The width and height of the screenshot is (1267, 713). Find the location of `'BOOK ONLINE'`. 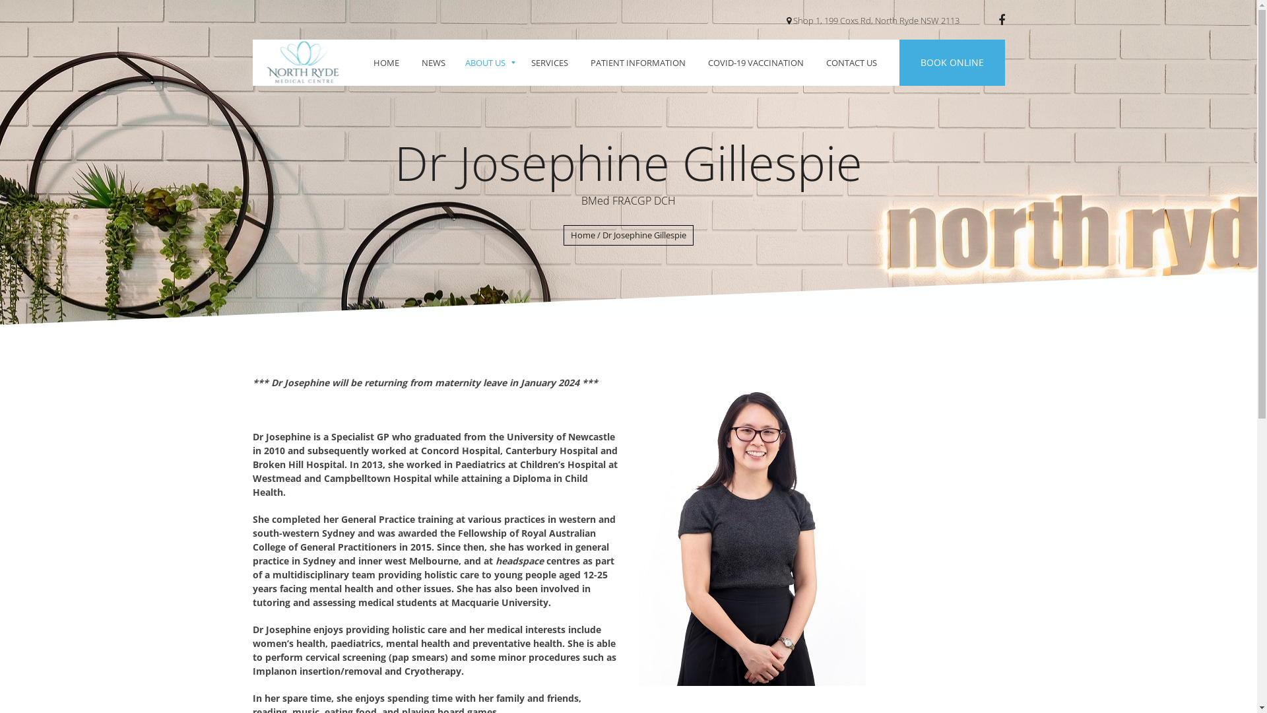

'BOOK ONLINE' is located at coordinates (946, 63).